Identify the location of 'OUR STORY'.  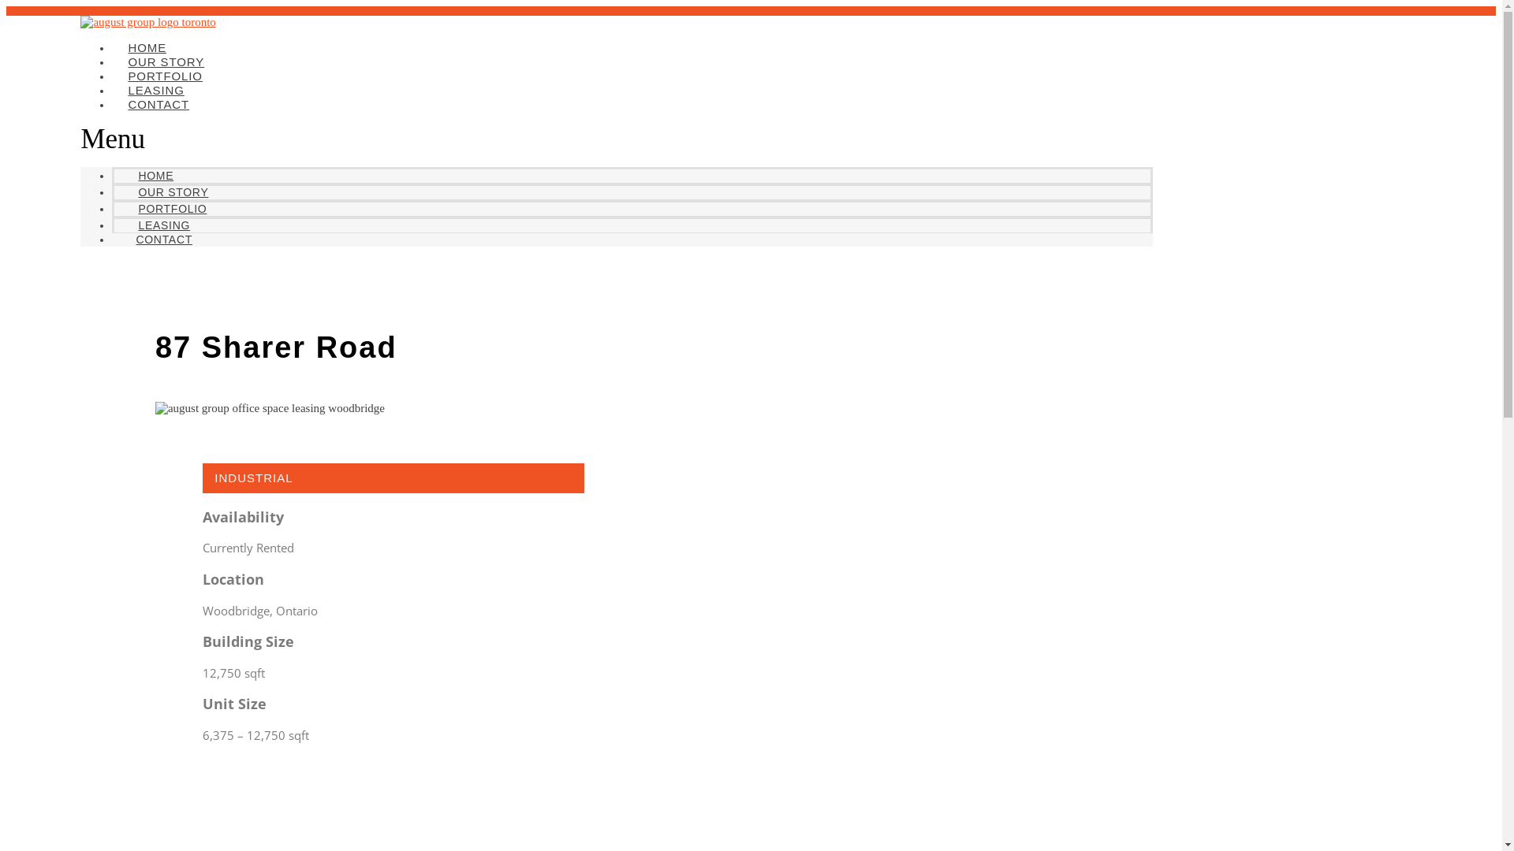
(173, 191).